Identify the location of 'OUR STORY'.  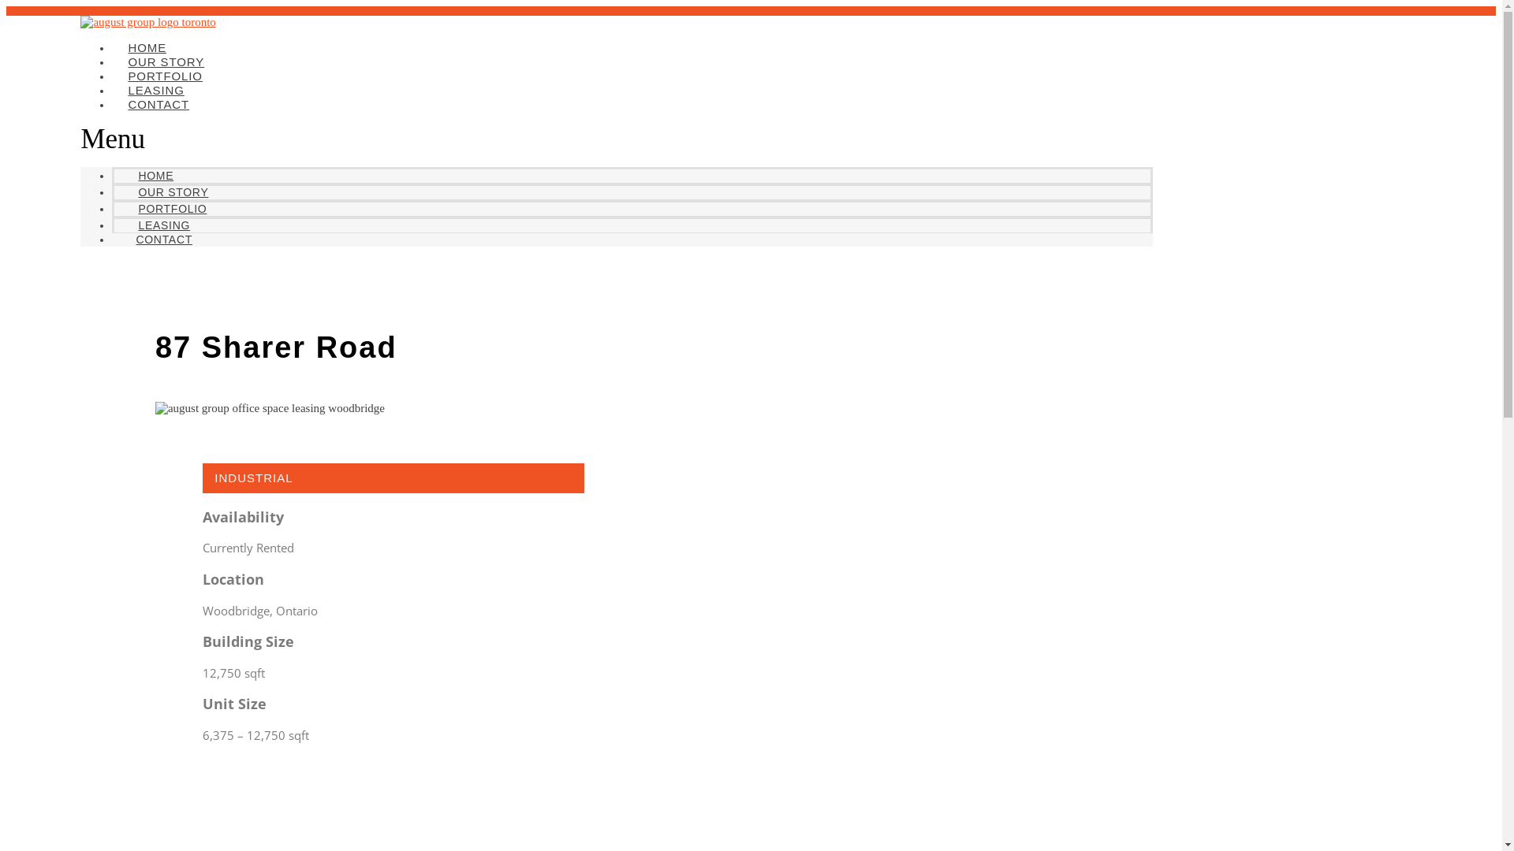
(173, 191).